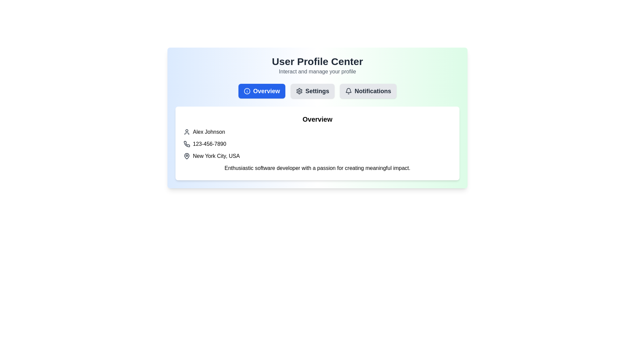  Describe the element at coordinates (317, 66) in the screenshot. I see `the text header component titled 'User Profile Center' with a subtitle 'Interact and manage your profile', which is centrally aligned on a light gradient background` at that location.